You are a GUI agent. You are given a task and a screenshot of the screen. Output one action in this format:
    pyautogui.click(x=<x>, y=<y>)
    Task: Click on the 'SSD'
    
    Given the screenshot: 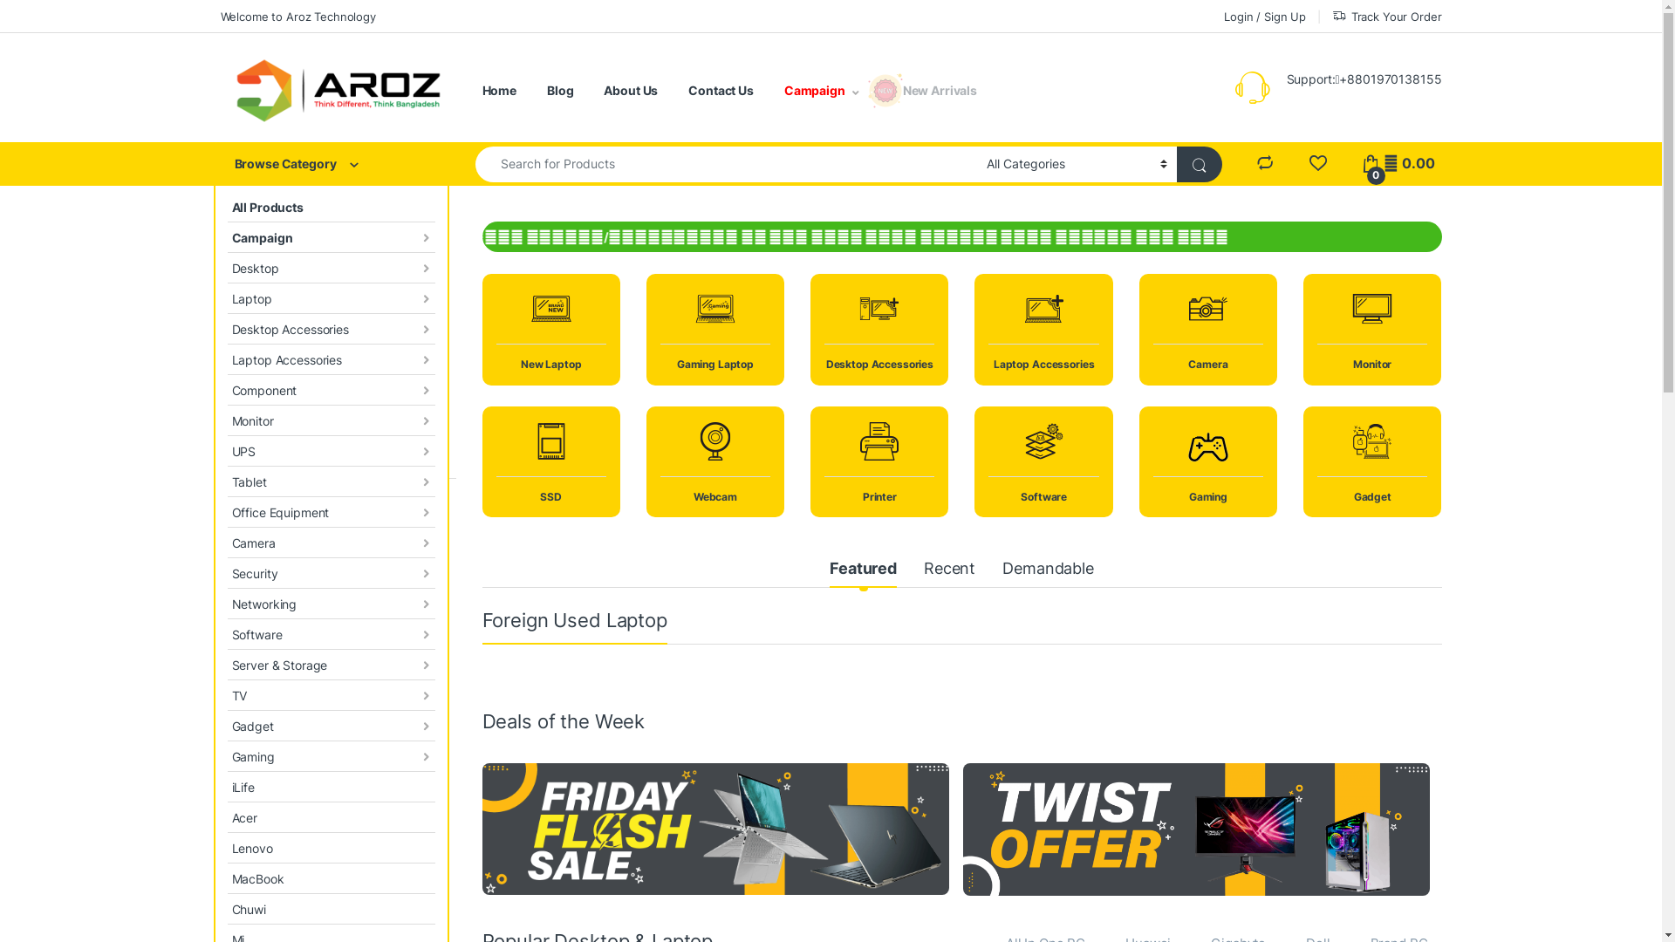 What is the action you would take?
    pyautogui.click(x=549, y=461)
    